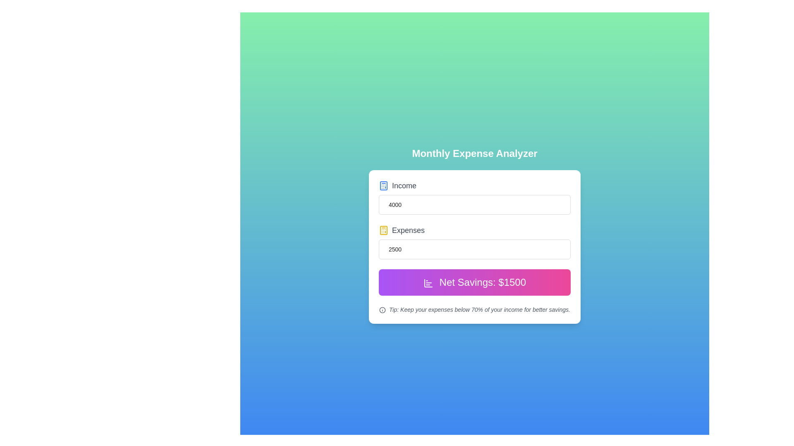  I want to click on the leftmost analytics icon representing the 'Net Savings' context, which is associated with the displayed text 'Net Savings: $1500', so click(428, 282).